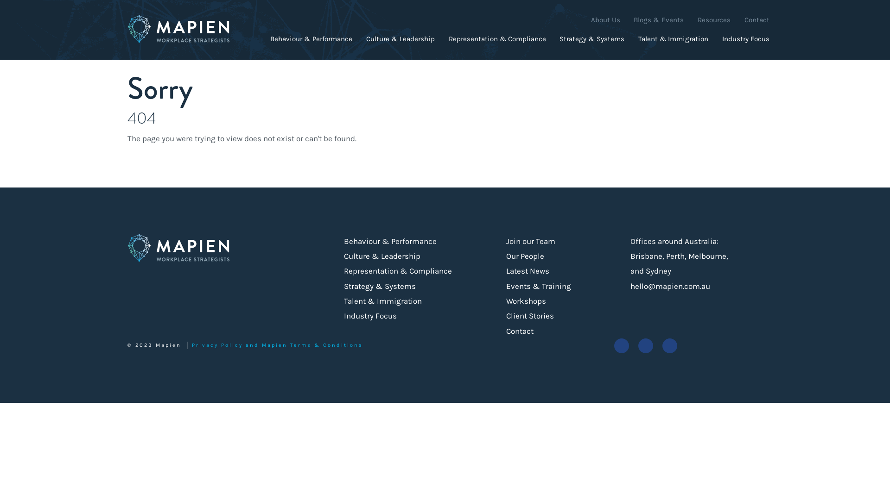 Image resolution: width=890 pixels, height=500 pixels. What do you see at coordinates (756, 19) in the screenshot?
I see `'Contact'` at bounding box center [756, 19].